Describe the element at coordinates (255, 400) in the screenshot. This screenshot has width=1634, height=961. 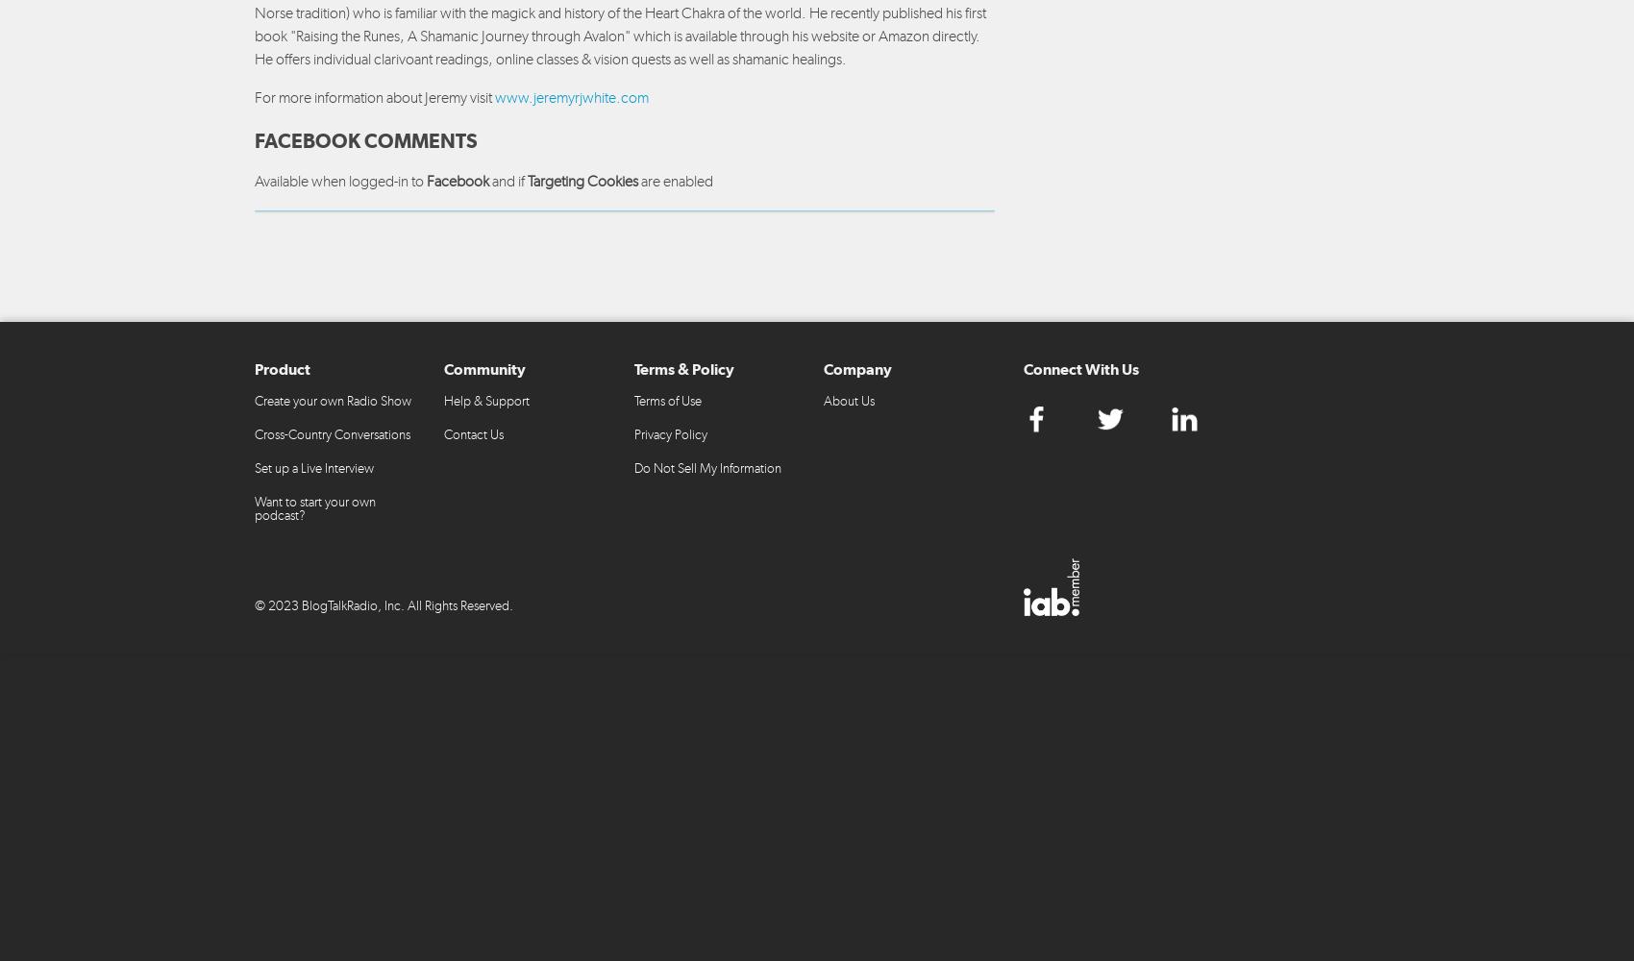
I see `'Create your own Radio Show'` at that location.